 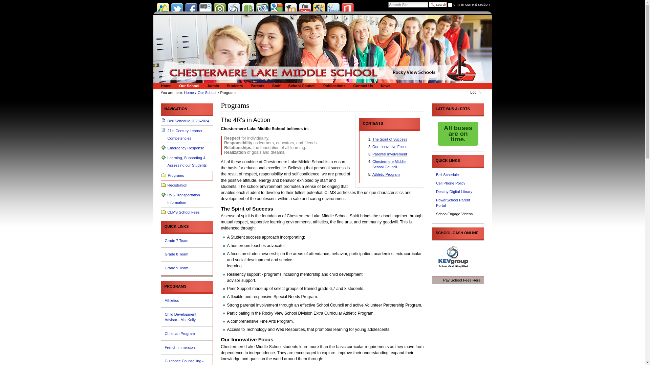 I want to click on 'French Immersion', so click(x=187, y=347).